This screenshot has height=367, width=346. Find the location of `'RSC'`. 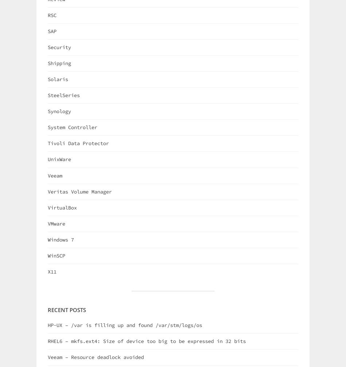

'RSC' is located at coordinates (52, 14).